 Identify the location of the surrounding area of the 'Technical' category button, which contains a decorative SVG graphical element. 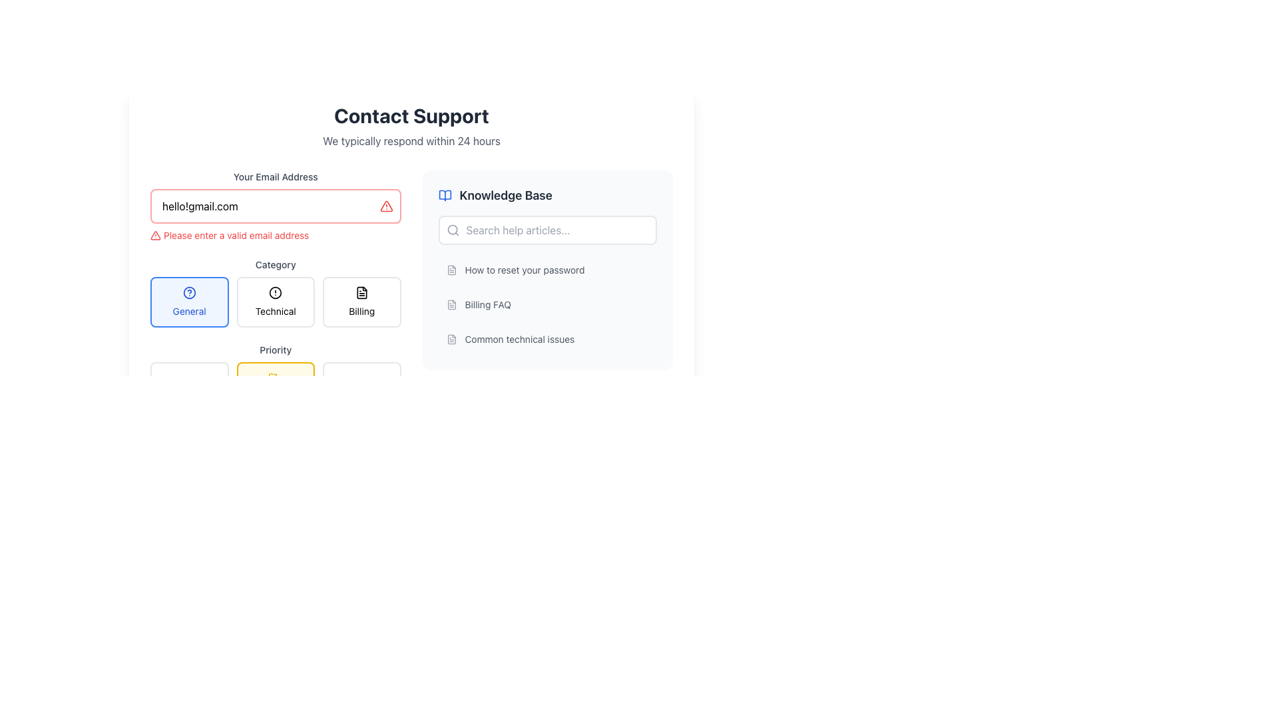
(275, 292).